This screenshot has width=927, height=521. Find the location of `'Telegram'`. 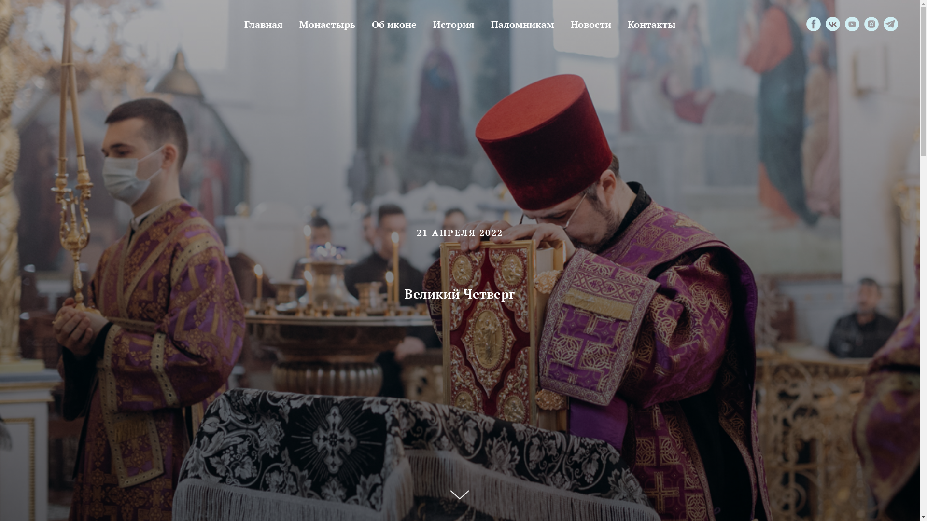

'Telegram' is located at coordinates (890, 24).